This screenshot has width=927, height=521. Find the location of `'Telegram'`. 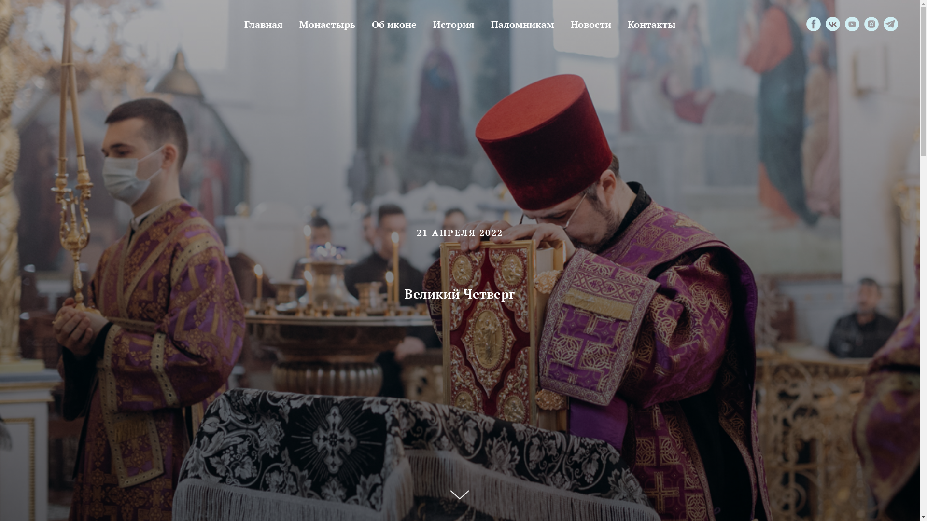

'Telegram' is located at coordinates (890, 24).